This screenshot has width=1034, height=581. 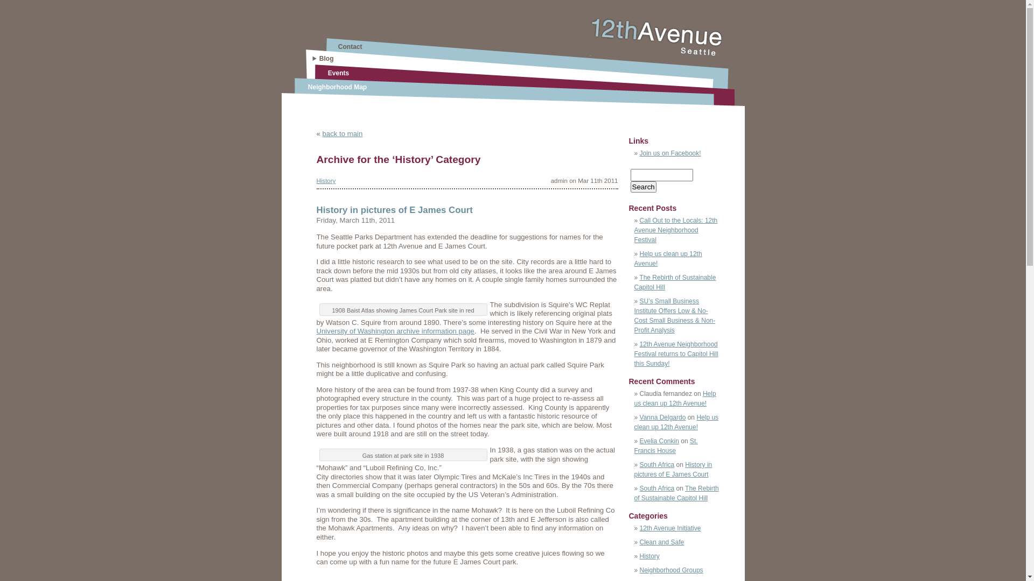 I want to click on 'Help us clean up 12th Avenue!', so click(x=676, y=422).